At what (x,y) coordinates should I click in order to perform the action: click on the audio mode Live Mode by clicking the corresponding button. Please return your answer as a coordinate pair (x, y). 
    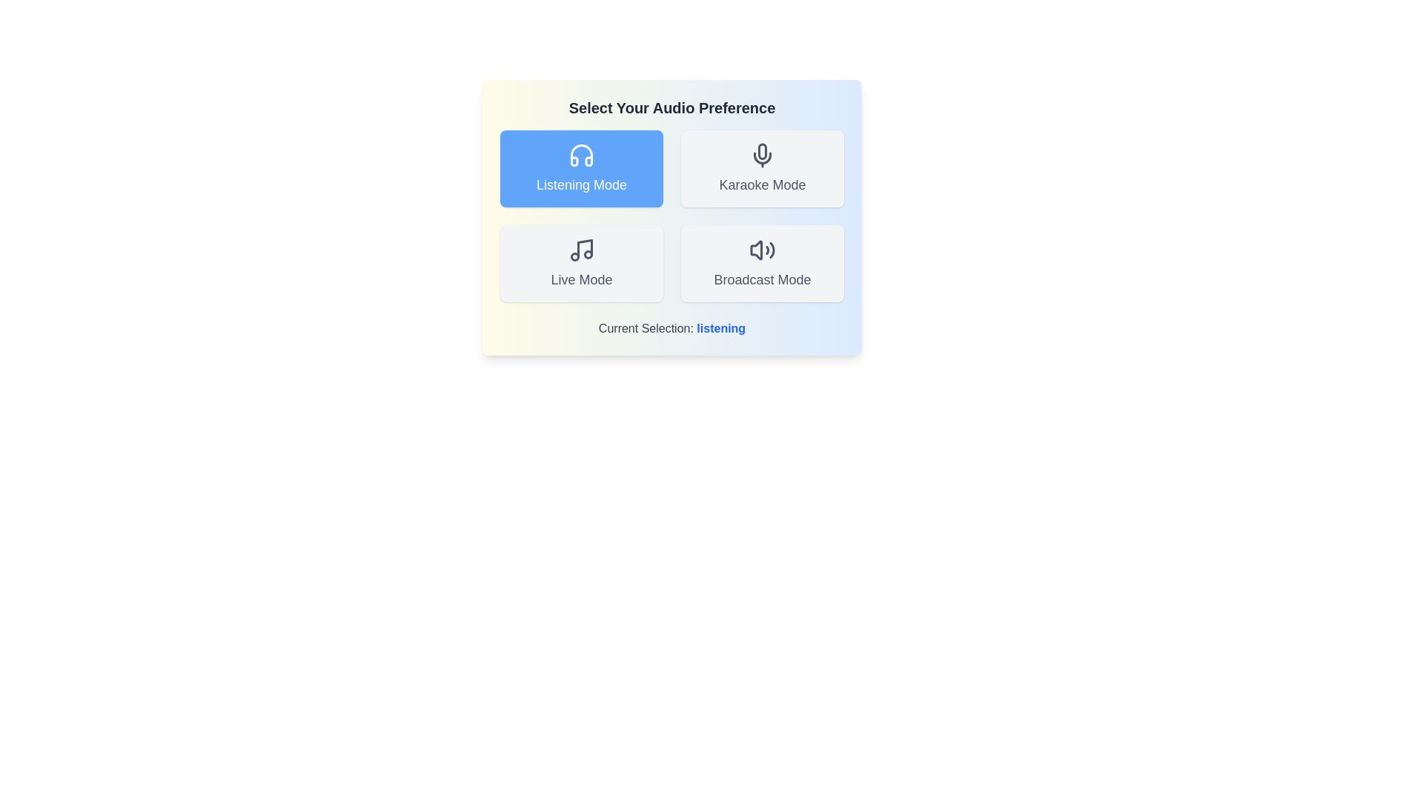
    Looking at the image, I should click on (581, 262).